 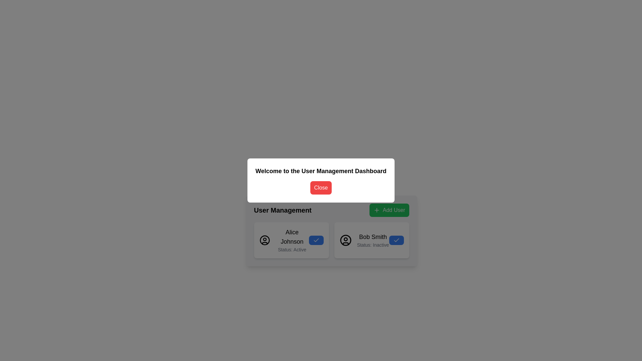 I want to click on the 'Alice Johnson' text block component, which displays the name in a larger bold font and the status as 'Status: Active' in smaller gray font, located, so click(x=292, y=240).